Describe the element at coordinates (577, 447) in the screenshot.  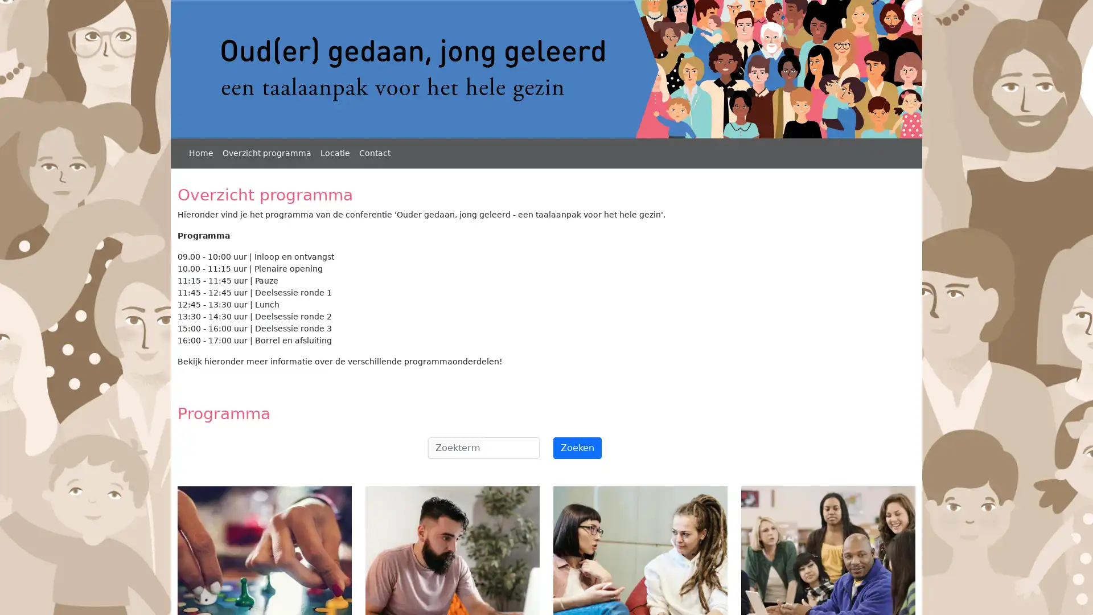
I see `Zoeken` at that location.